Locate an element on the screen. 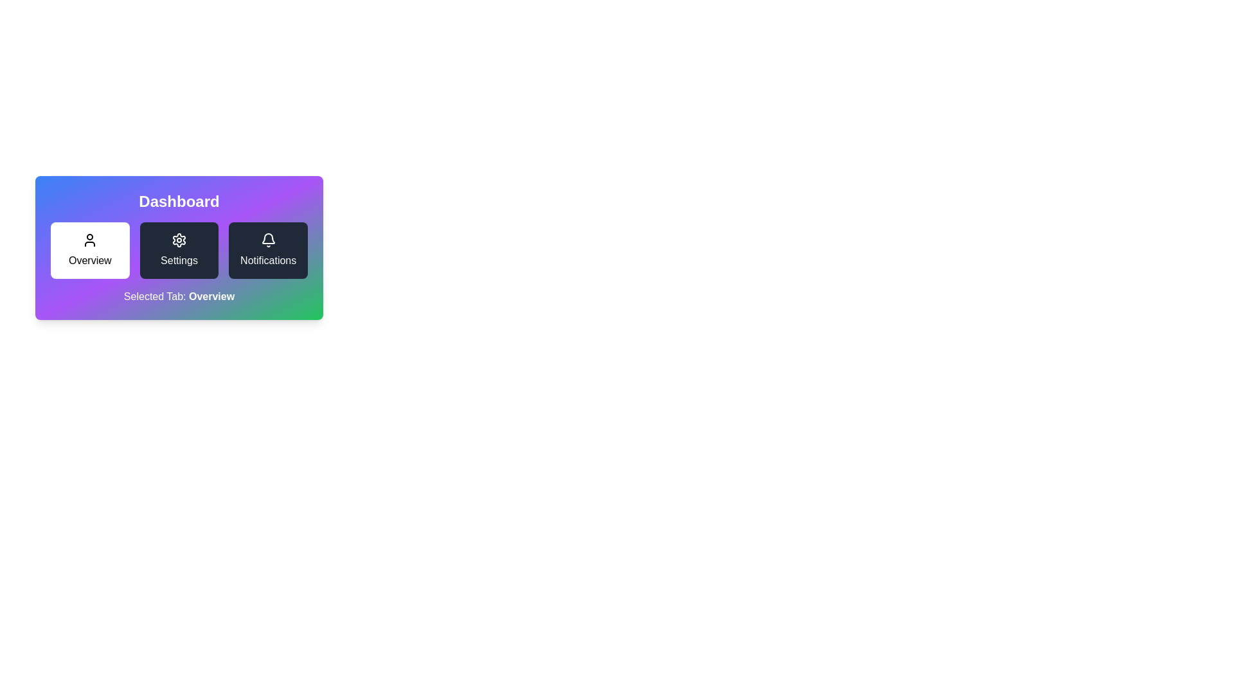 The image size is (1234, 694). the 'Settings' button, which is positioned in the center of a three-button grid, located directly to the right of the 'Overview' button and to the left of the 'Notifications' button is located at coordinates (178, 250).